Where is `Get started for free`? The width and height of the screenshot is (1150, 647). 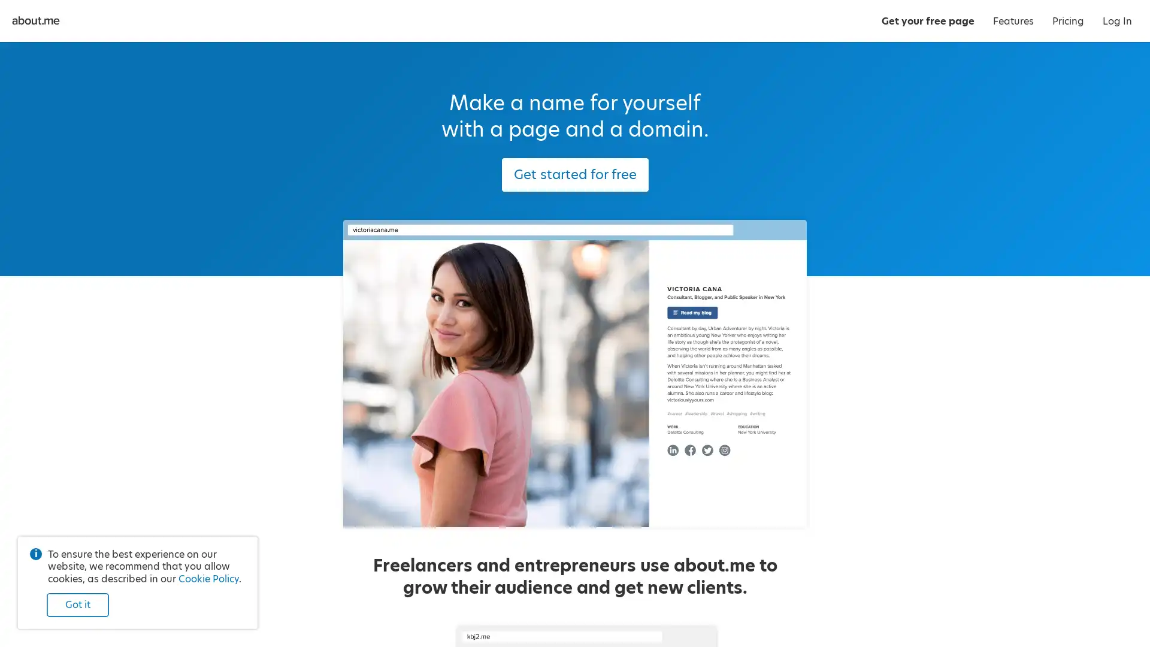
Get started for free is located at coordinates (574, 175).